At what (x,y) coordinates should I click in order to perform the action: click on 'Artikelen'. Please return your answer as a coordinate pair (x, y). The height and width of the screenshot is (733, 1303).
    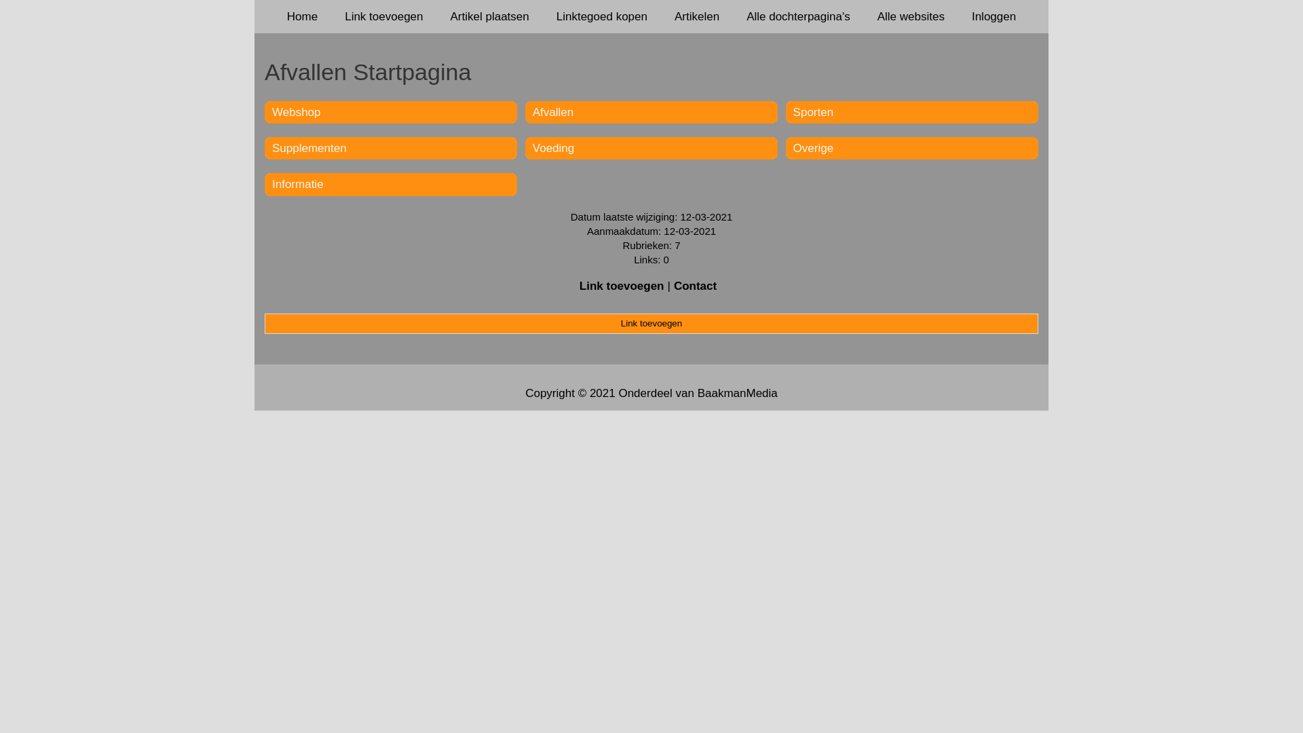
    Looking at the image, I should click on (697, 16).